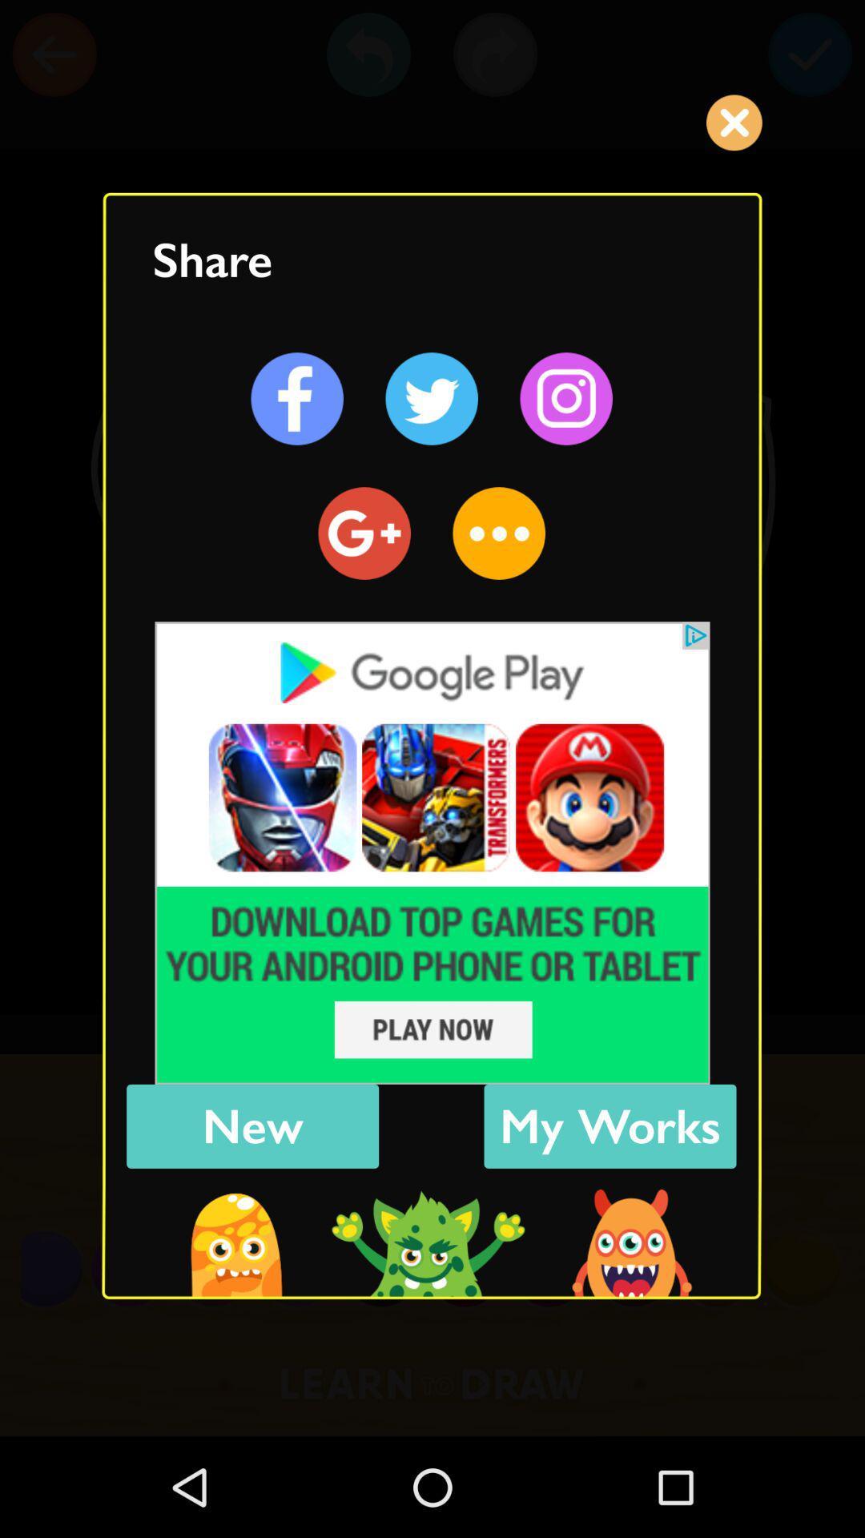 Image resolution: width=865 pixels, height=1538 pixels. I want to click on the more icon, so click(498, 533).